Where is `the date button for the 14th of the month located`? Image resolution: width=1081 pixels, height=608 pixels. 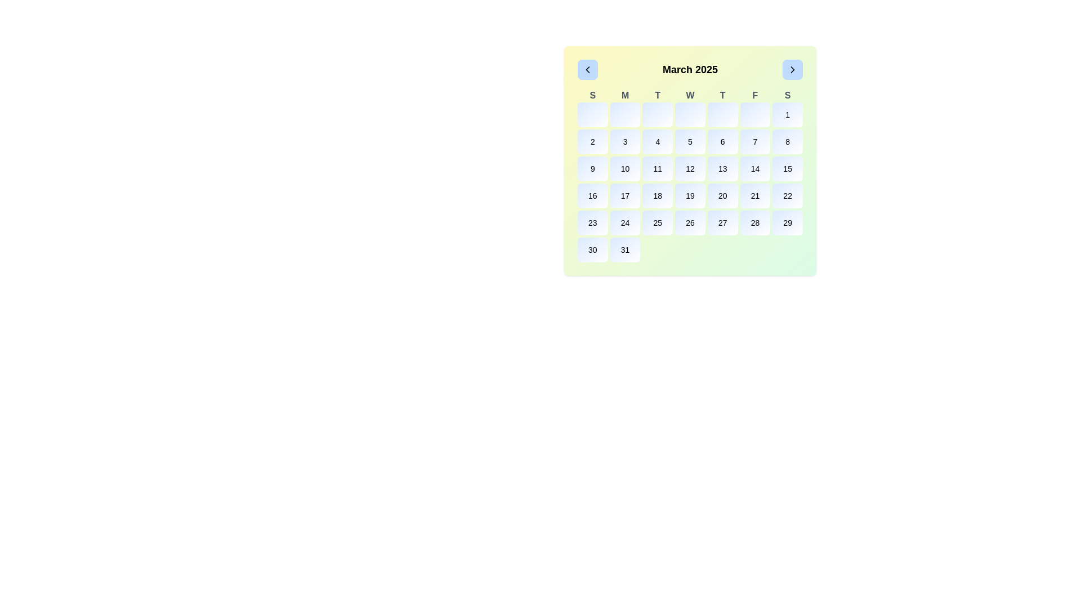
the date button for the 14th of the month located is located at coordinates (755, 169).